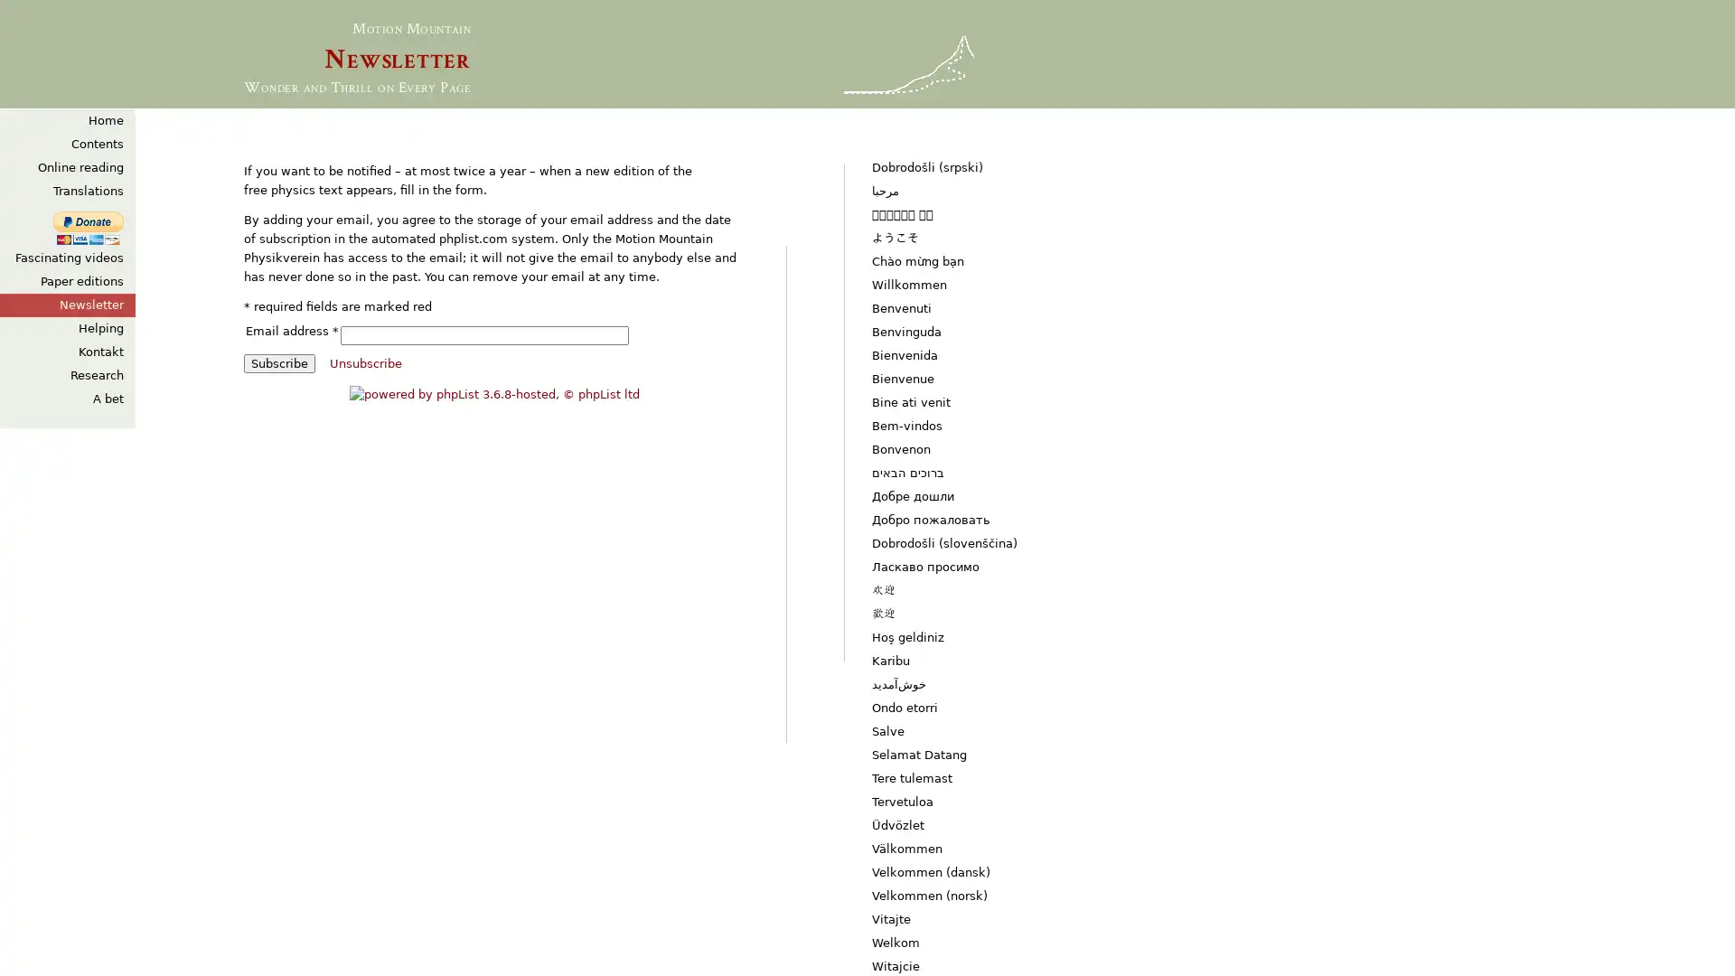  What do you see at coordinates (87, 228) in the screenshot?
I see `| PayPal - The safer, easier way to pay online.|` at bounding box center [87, 228].